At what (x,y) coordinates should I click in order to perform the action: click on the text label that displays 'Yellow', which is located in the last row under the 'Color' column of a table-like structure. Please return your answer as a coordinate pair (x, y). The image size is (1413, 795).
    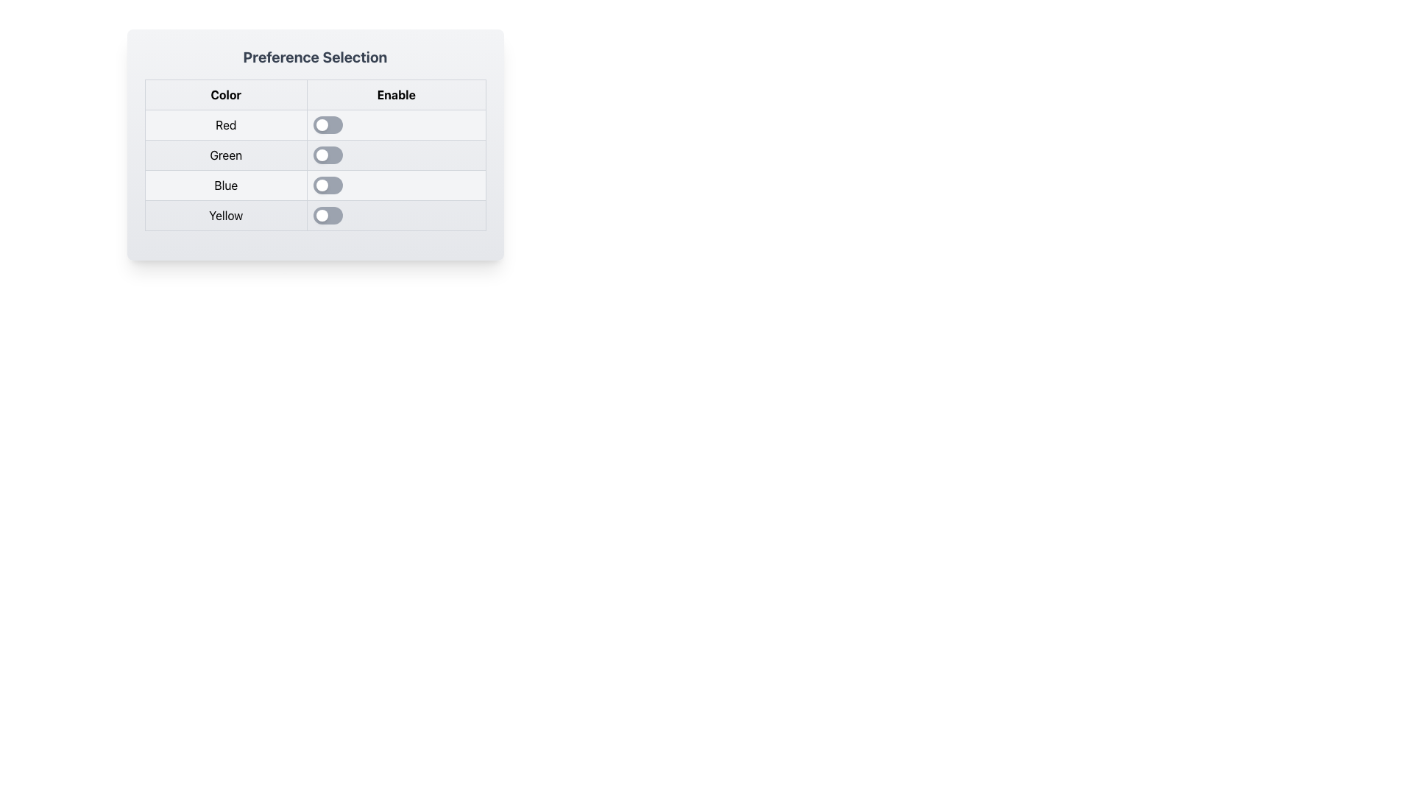
    Looking at the image, I should click on (225, 216).